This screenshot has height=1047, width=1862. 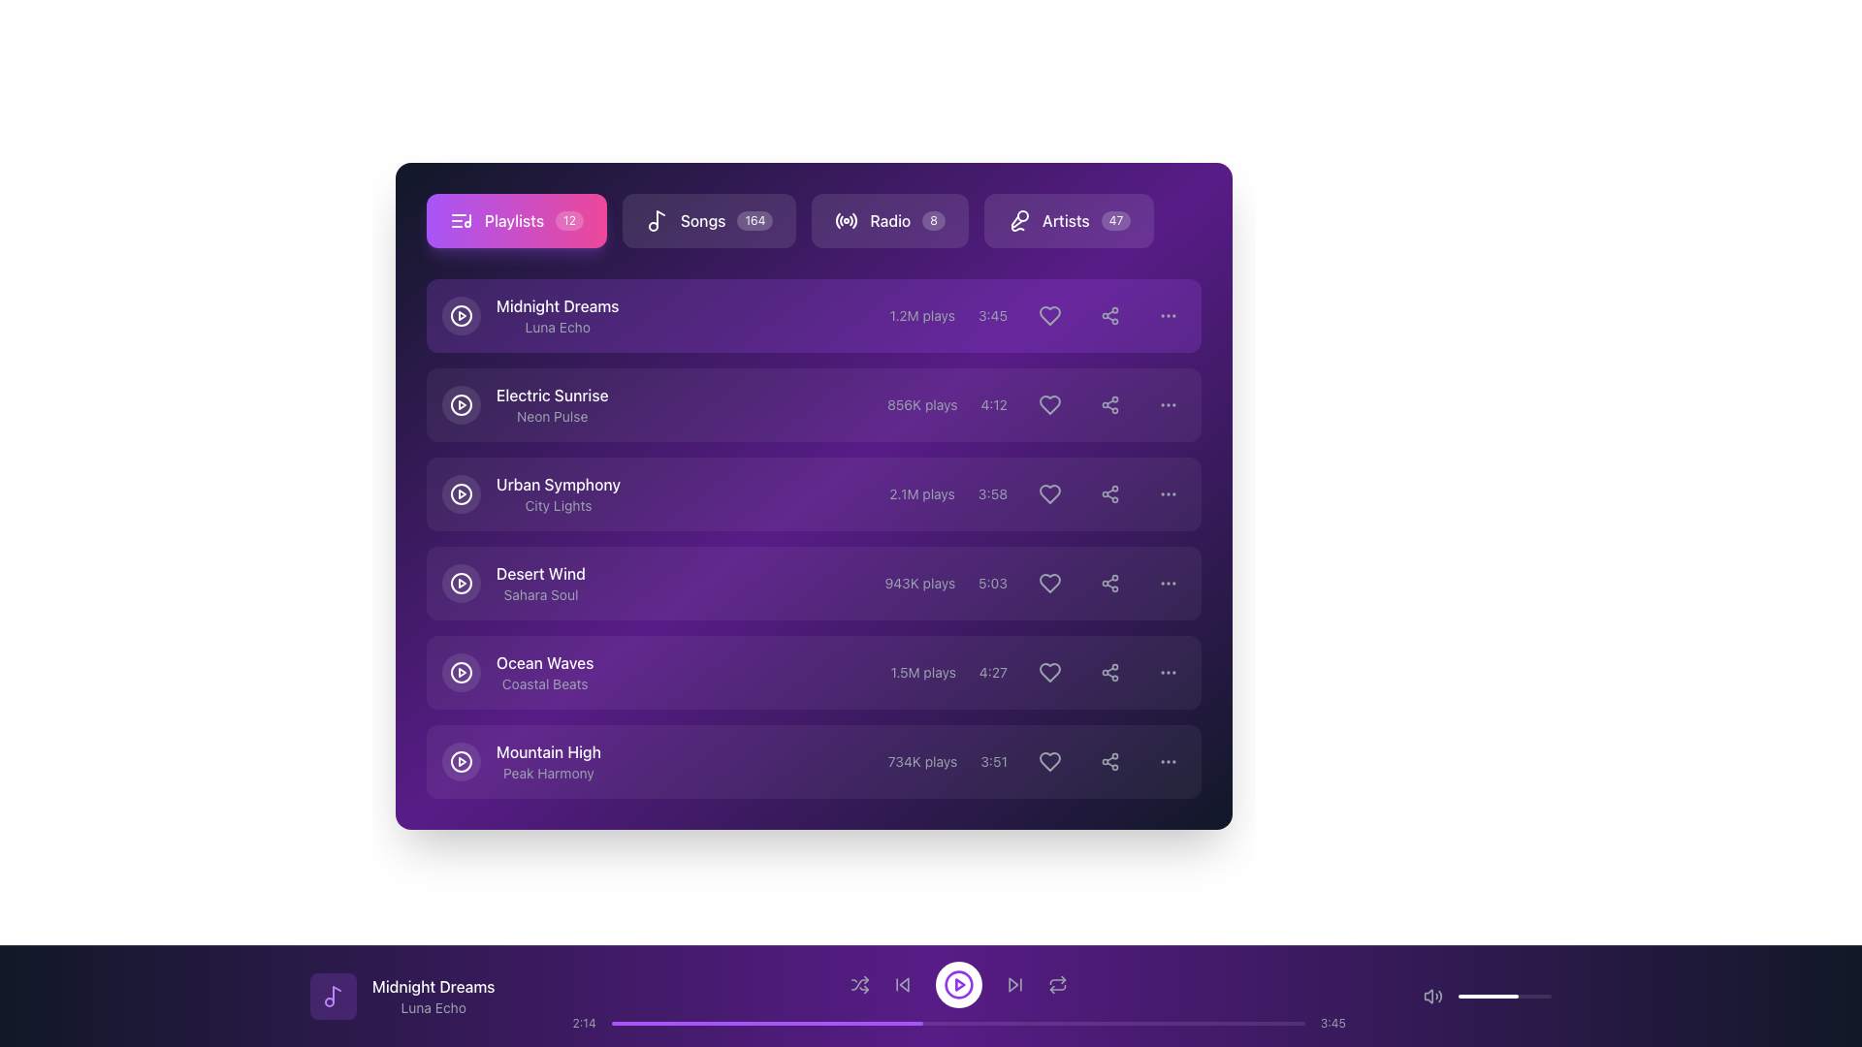 What do you see at coordinates (1468, 997) in the screenshot?
I see `the slider's value` at bounding box center [1468, 997].